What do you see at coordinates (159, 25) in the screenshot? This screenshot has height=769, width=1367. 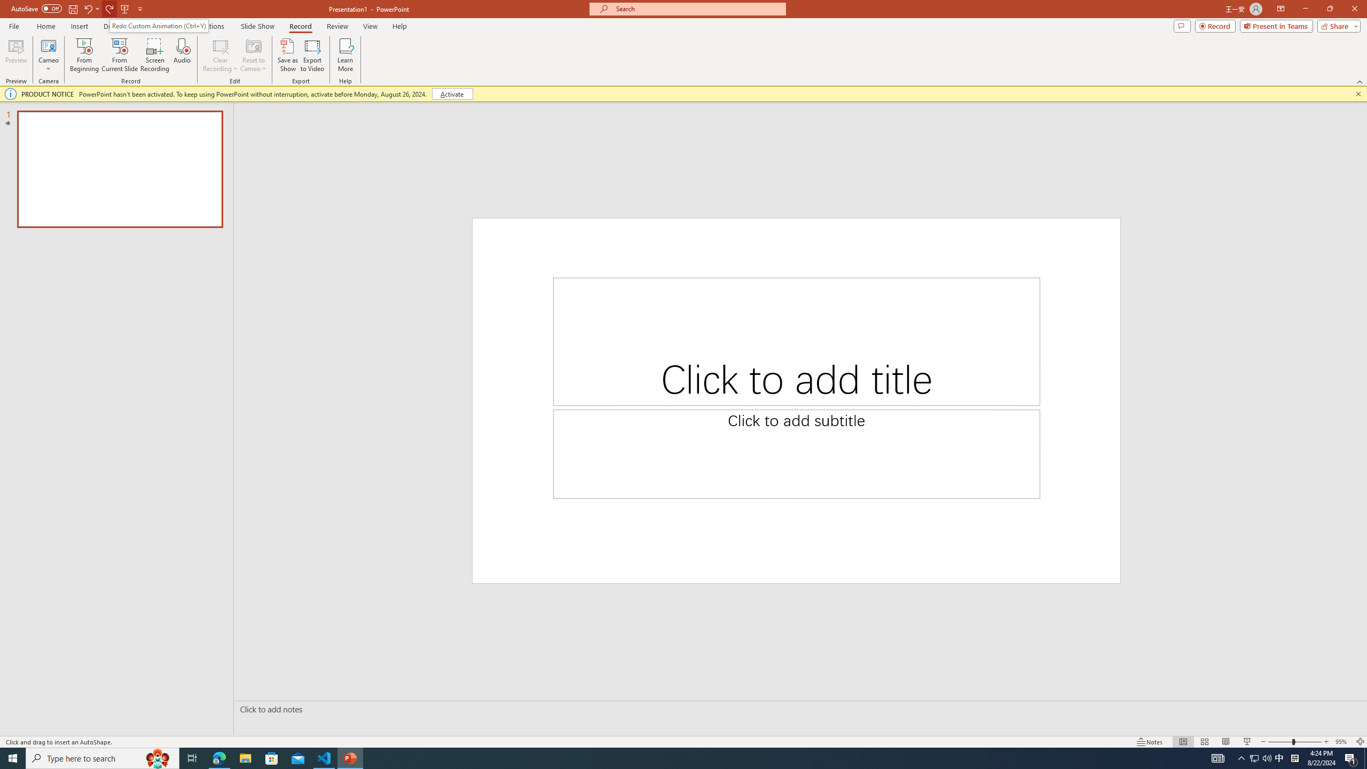 I see `'Redo Custom Animation (Ctrl+Y)'` at bounding box center [159, 25].